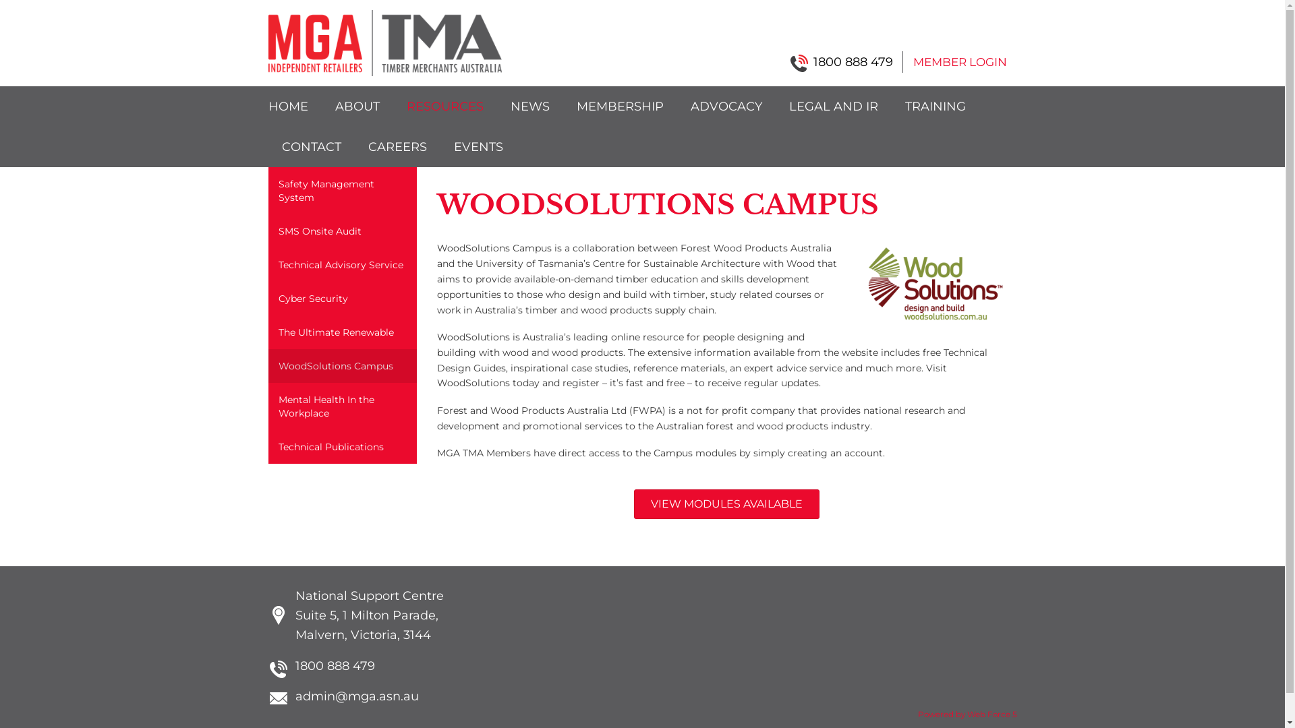 This screenshot has width=1295, height=728. I want to click on 'Powered by Web Force 5', so click(917, 713).